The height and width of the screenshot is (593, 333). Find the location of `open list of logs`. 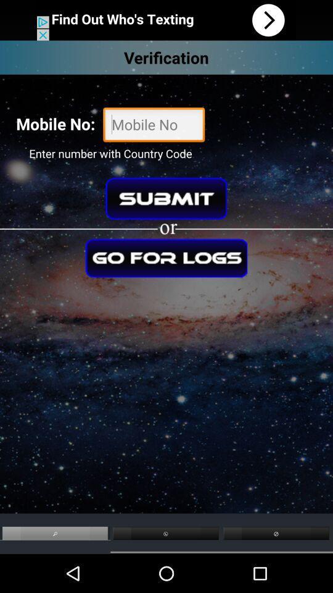

open list of logs is located at coordinates (166, 257).